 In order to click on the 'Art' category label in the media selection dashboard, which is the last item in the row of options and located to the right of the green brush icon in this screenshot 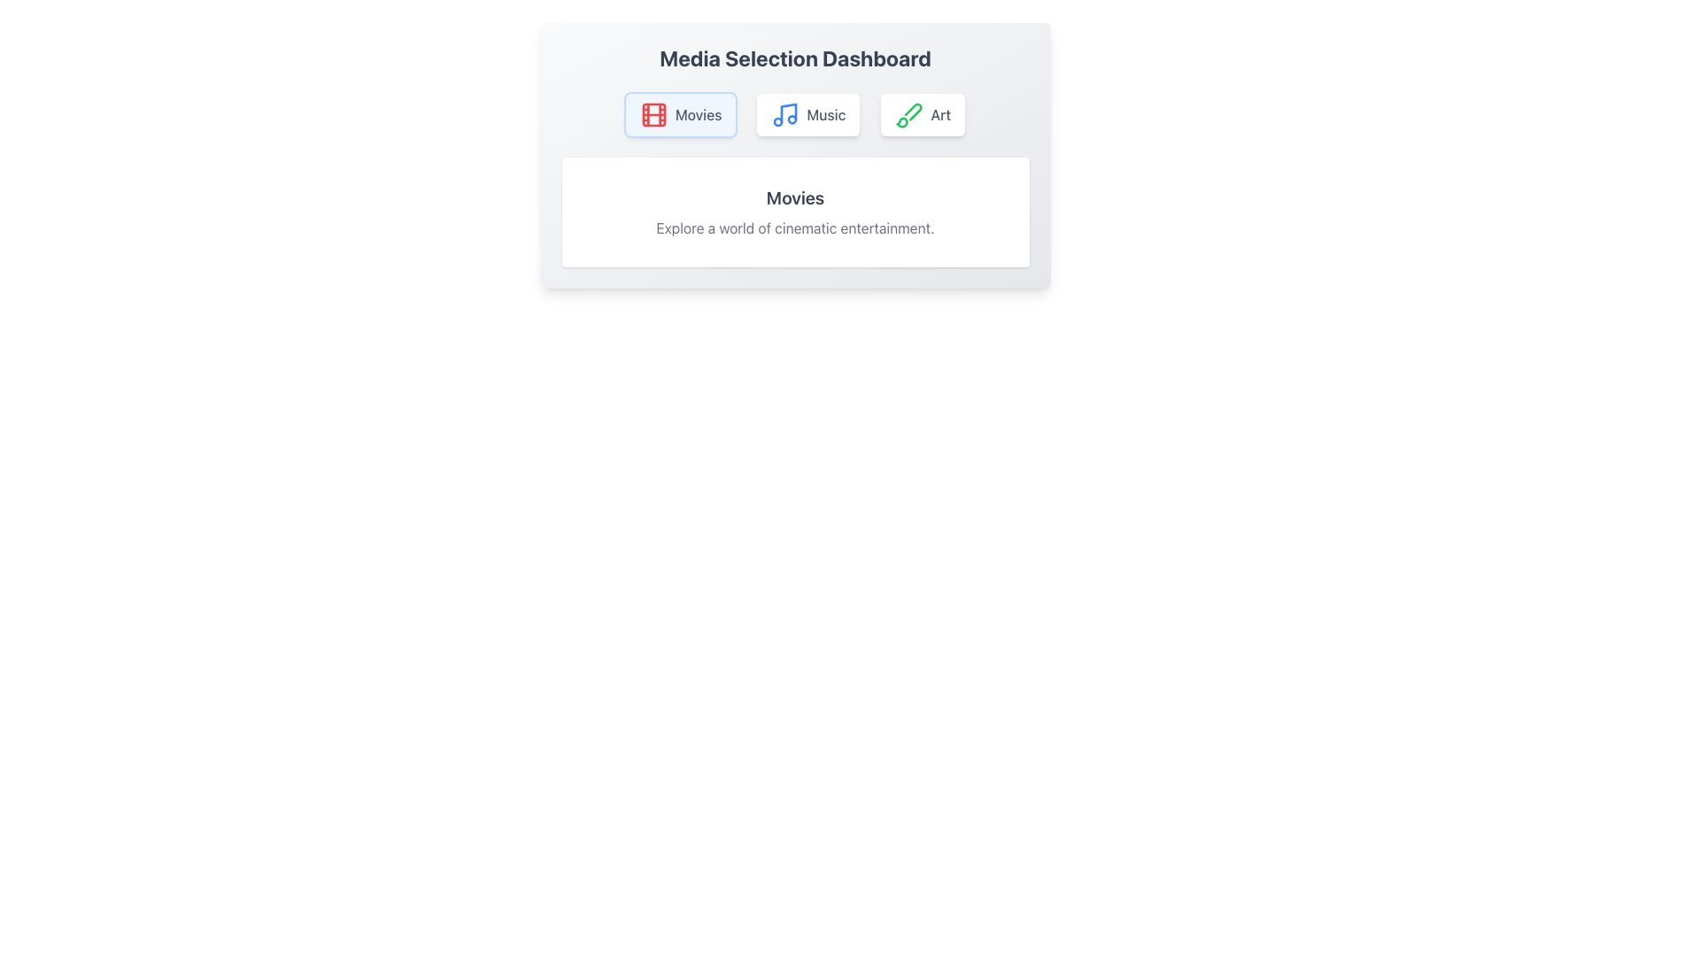, I will do `click(939, 115)`.